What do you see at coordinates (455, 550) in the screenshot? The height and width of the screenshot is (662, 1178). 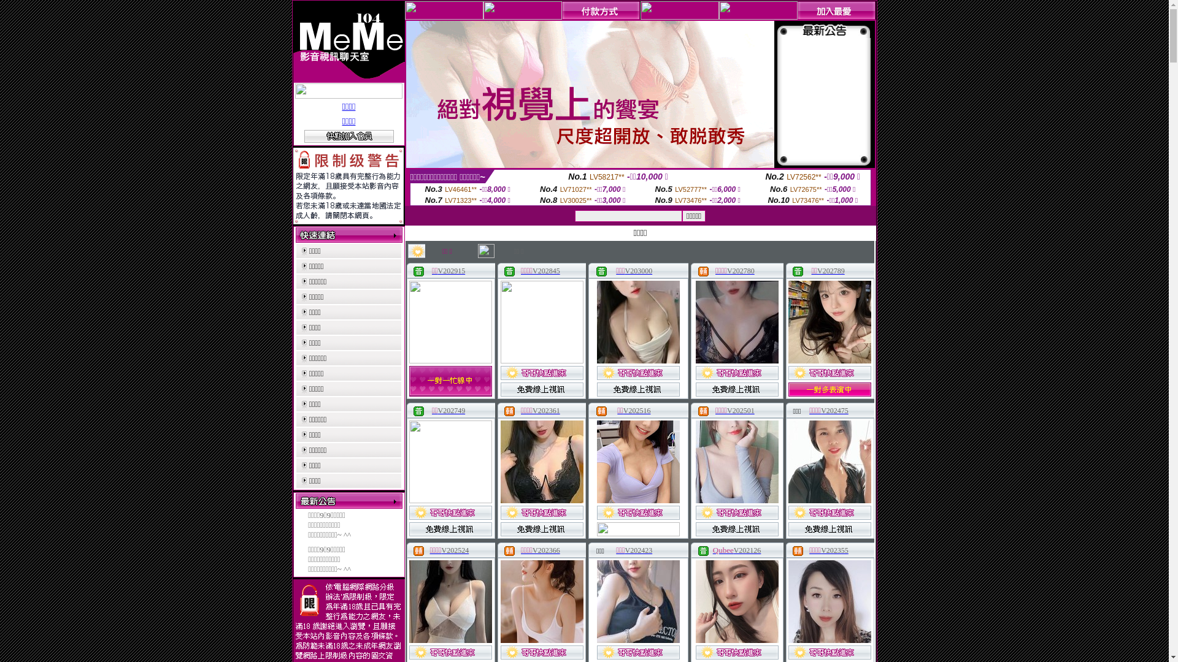 I see `'V202524'` at bounding box center [455, 550].